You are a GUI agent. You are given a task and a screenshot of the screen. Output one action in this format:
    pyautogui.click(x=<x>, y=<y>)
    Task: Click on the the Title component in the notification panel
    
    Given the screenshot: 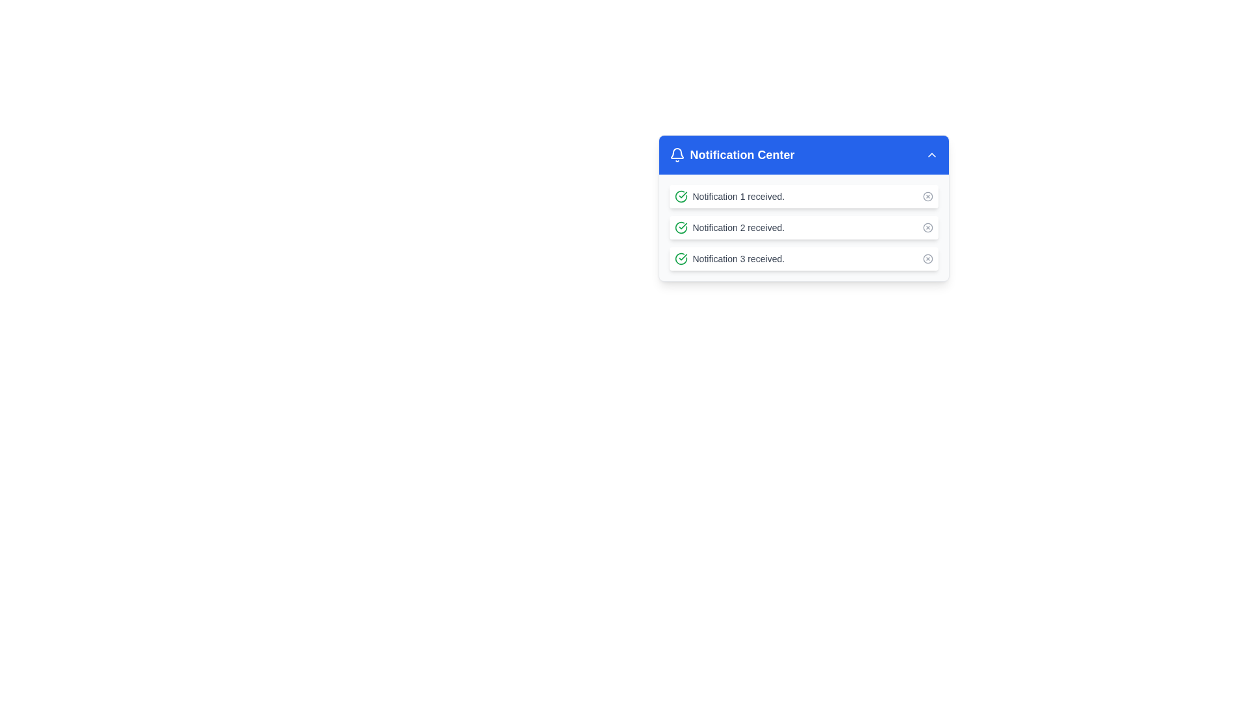 What is the action you would take?
    pyautogui.click(x=732, y=154)
    